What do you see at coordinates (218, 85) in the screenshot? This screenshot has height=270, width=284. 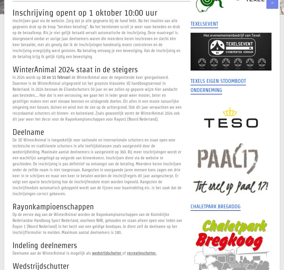 I see `'Texels Eigen Stoomboot Onderneming'` at bounding box center [218, 85].